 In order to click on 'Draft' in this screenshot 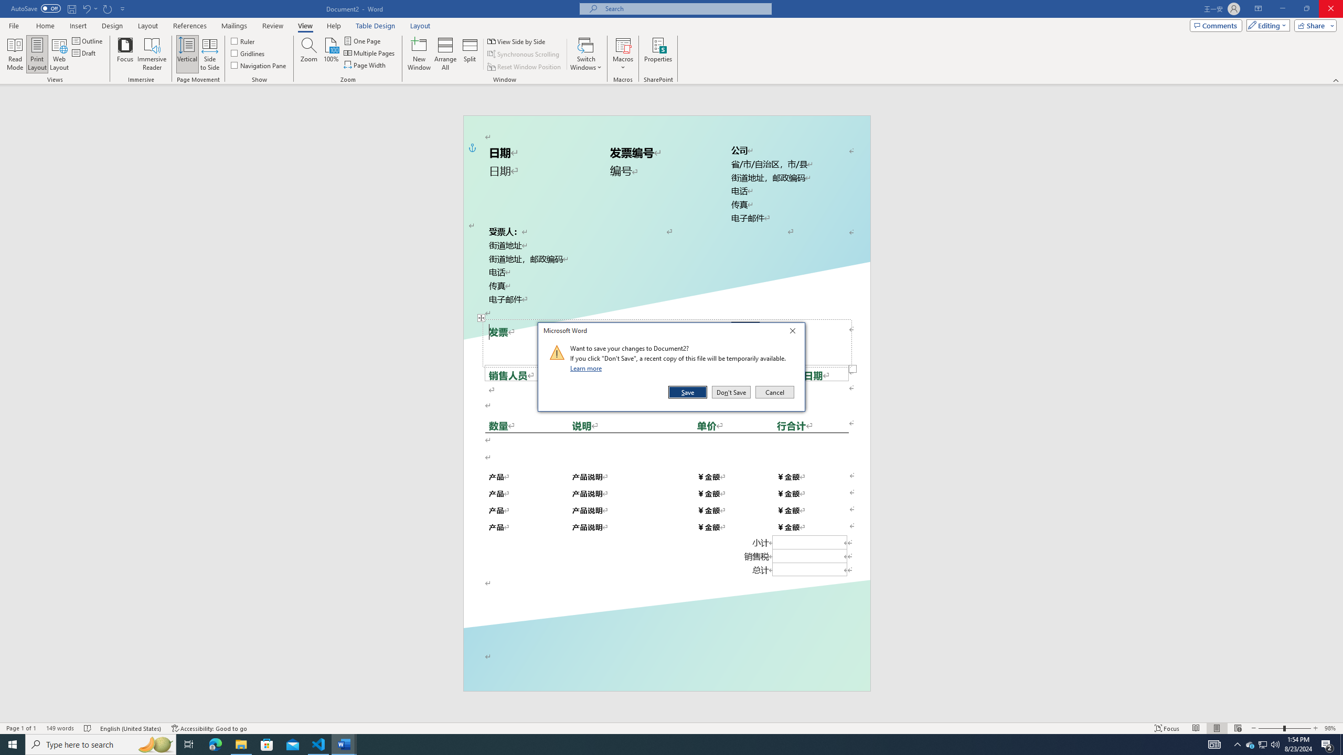, I will do `click(84, 52)`.